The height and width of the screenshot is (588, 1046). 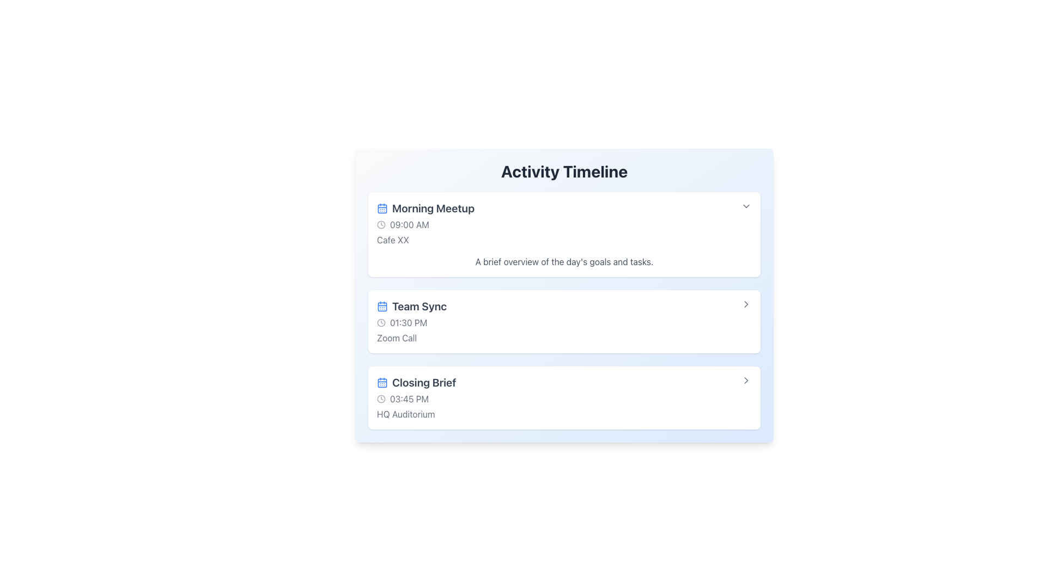 What do you see at coordinates (381, 322) in the screenshot?
I see `the clock icon representing the time for the 'Team Sync' event, which is located to the left of the text '01:30 PM'` at bounding box center [381, 322].